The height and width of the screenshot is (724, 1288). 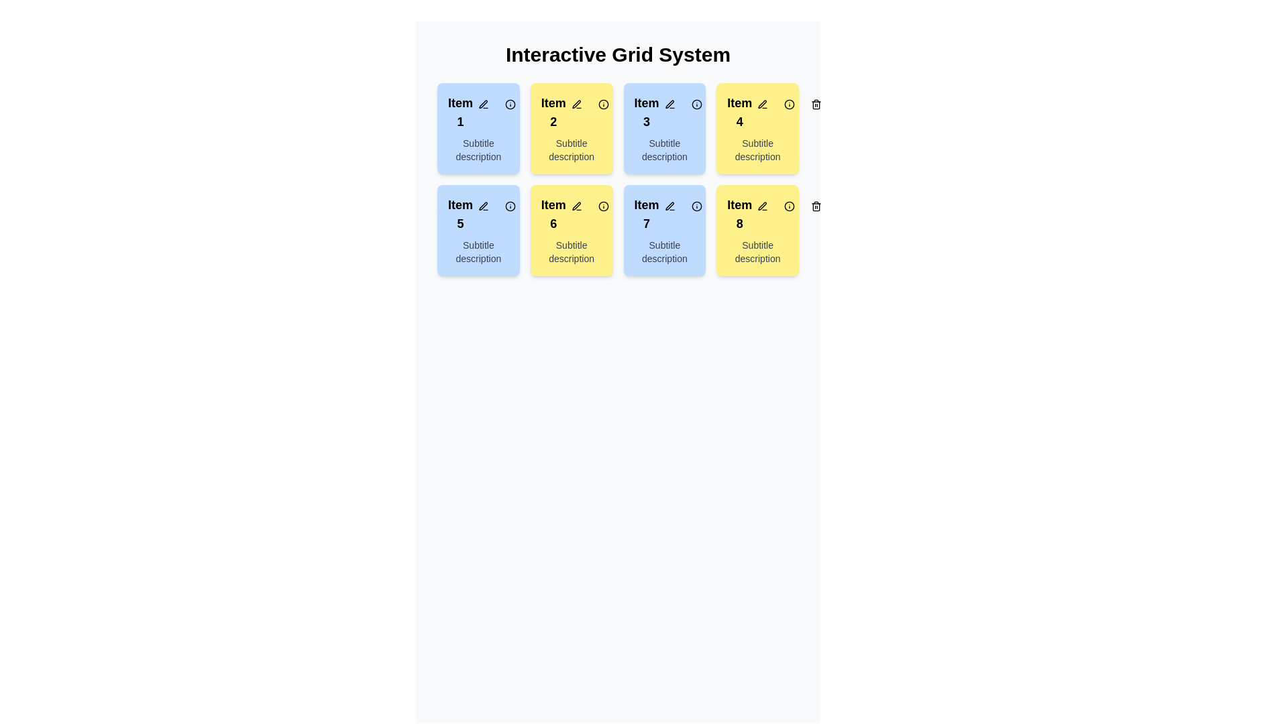 What do you see at coordinates (722, 206) in the screenshot?
I see `the delete button for the 'Item 8' card, which is the third action button in the action row and positioned on the far right after the edit and info buttons` at bounding box center [722, 206].